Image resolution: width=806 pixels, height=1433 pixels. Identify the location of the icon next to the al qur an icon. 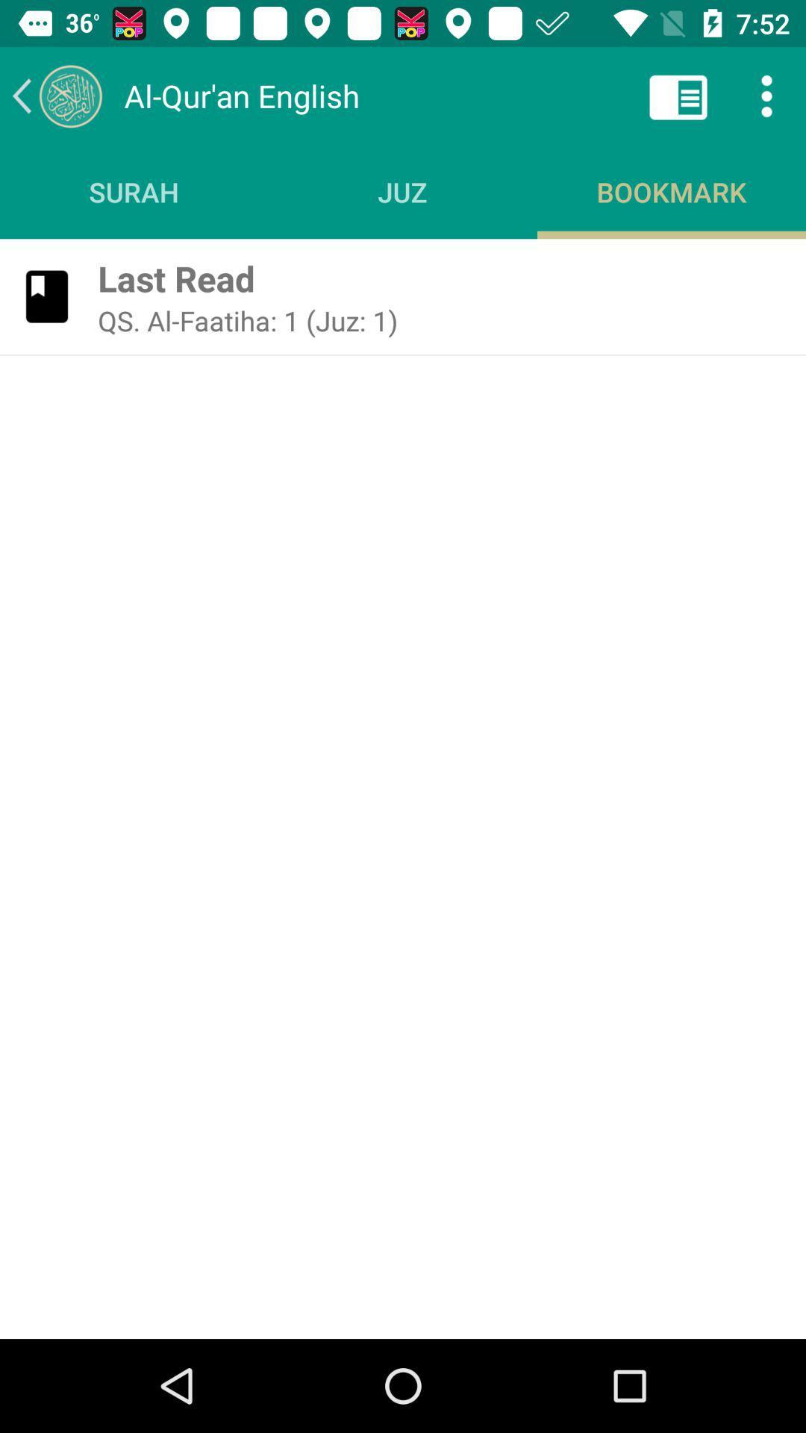
(56, 95).